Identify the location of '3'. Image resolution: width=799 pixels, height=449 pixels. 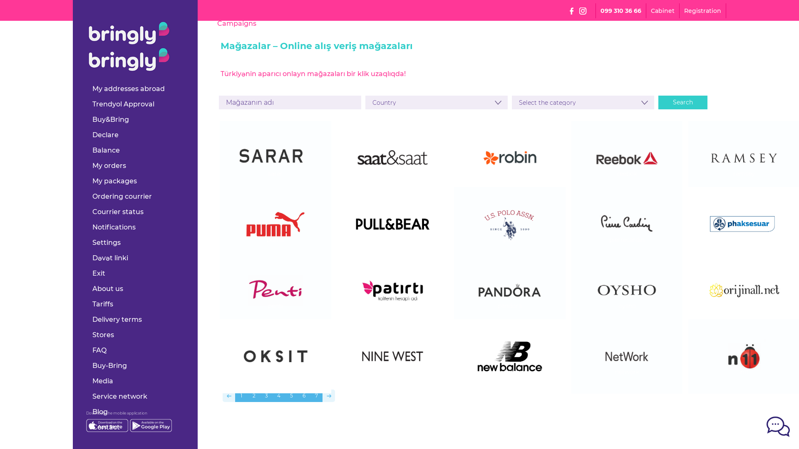
(266, 395).